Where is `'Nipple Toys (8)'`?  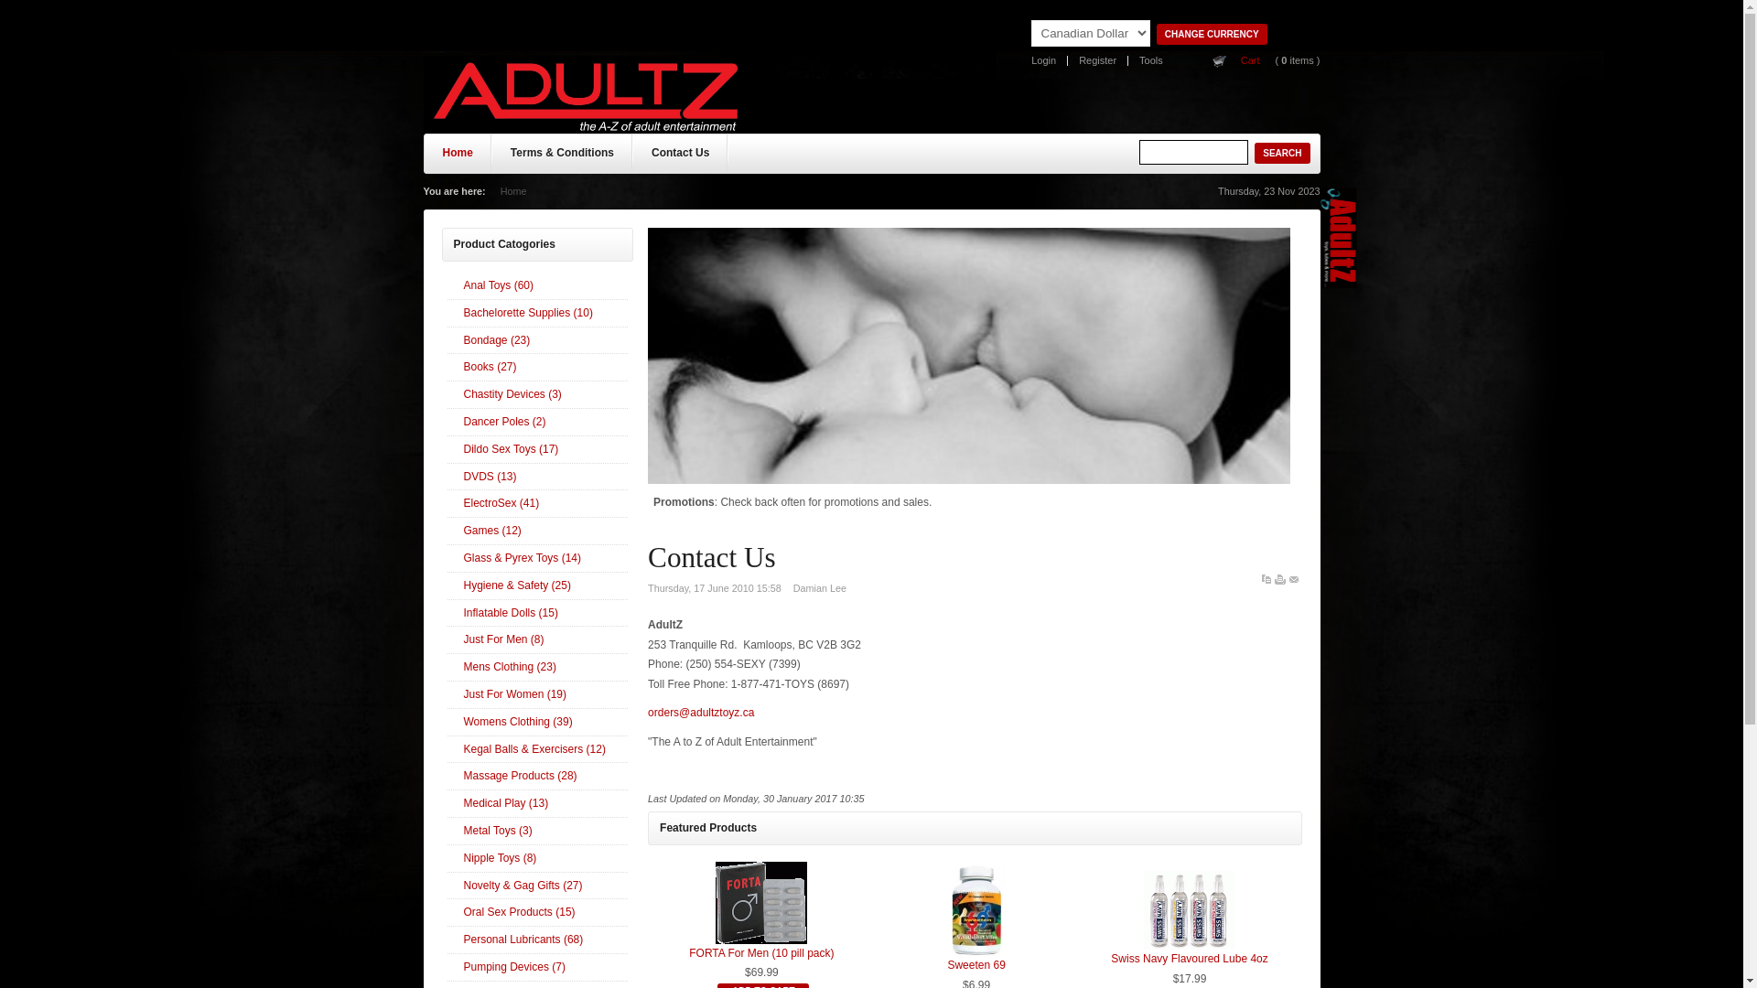
'Nipple Toys (8)' is located at coordinates (535, 858).